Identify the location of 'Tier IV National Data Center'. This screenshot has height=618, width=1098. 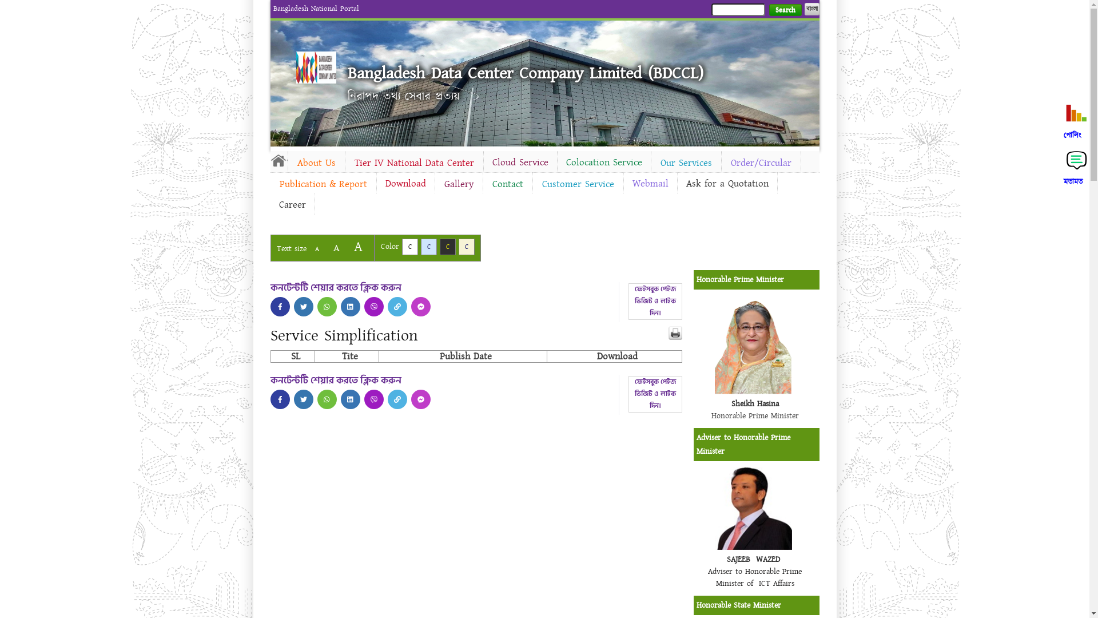
(413, 163).